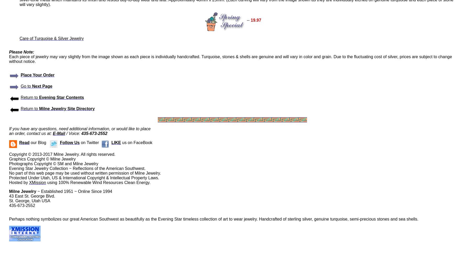 This screenshot has width=458, height=261. Describe the element at coordinates (22, 191) in the screenshot. I see `'Milne Jewelry'` at that location.